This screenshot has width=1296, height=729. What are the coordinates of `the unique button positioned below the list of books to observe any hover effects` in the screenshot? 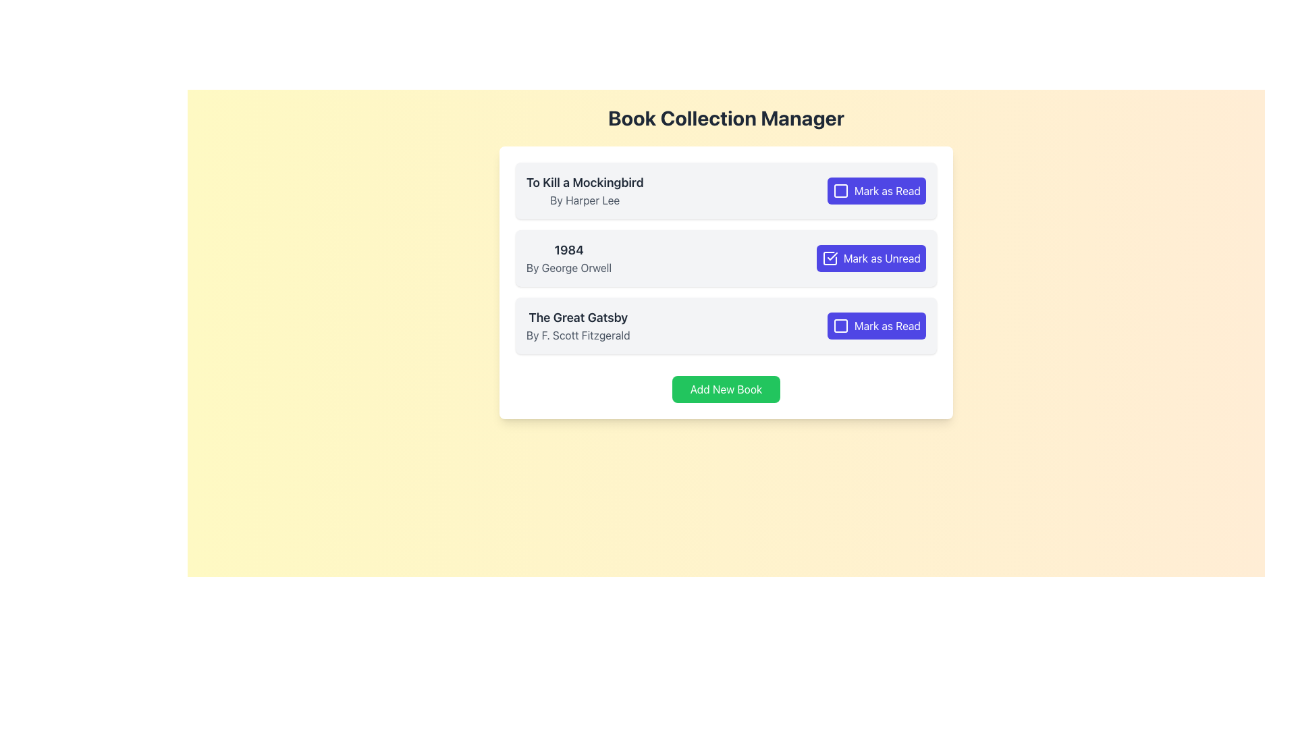 It's located at (725, 389).